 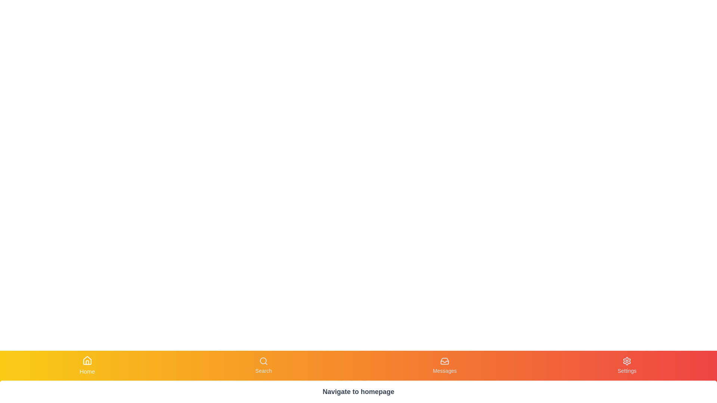 I want to click on the Search tab by clicking its corresponding button, so click(x=263, y=365).